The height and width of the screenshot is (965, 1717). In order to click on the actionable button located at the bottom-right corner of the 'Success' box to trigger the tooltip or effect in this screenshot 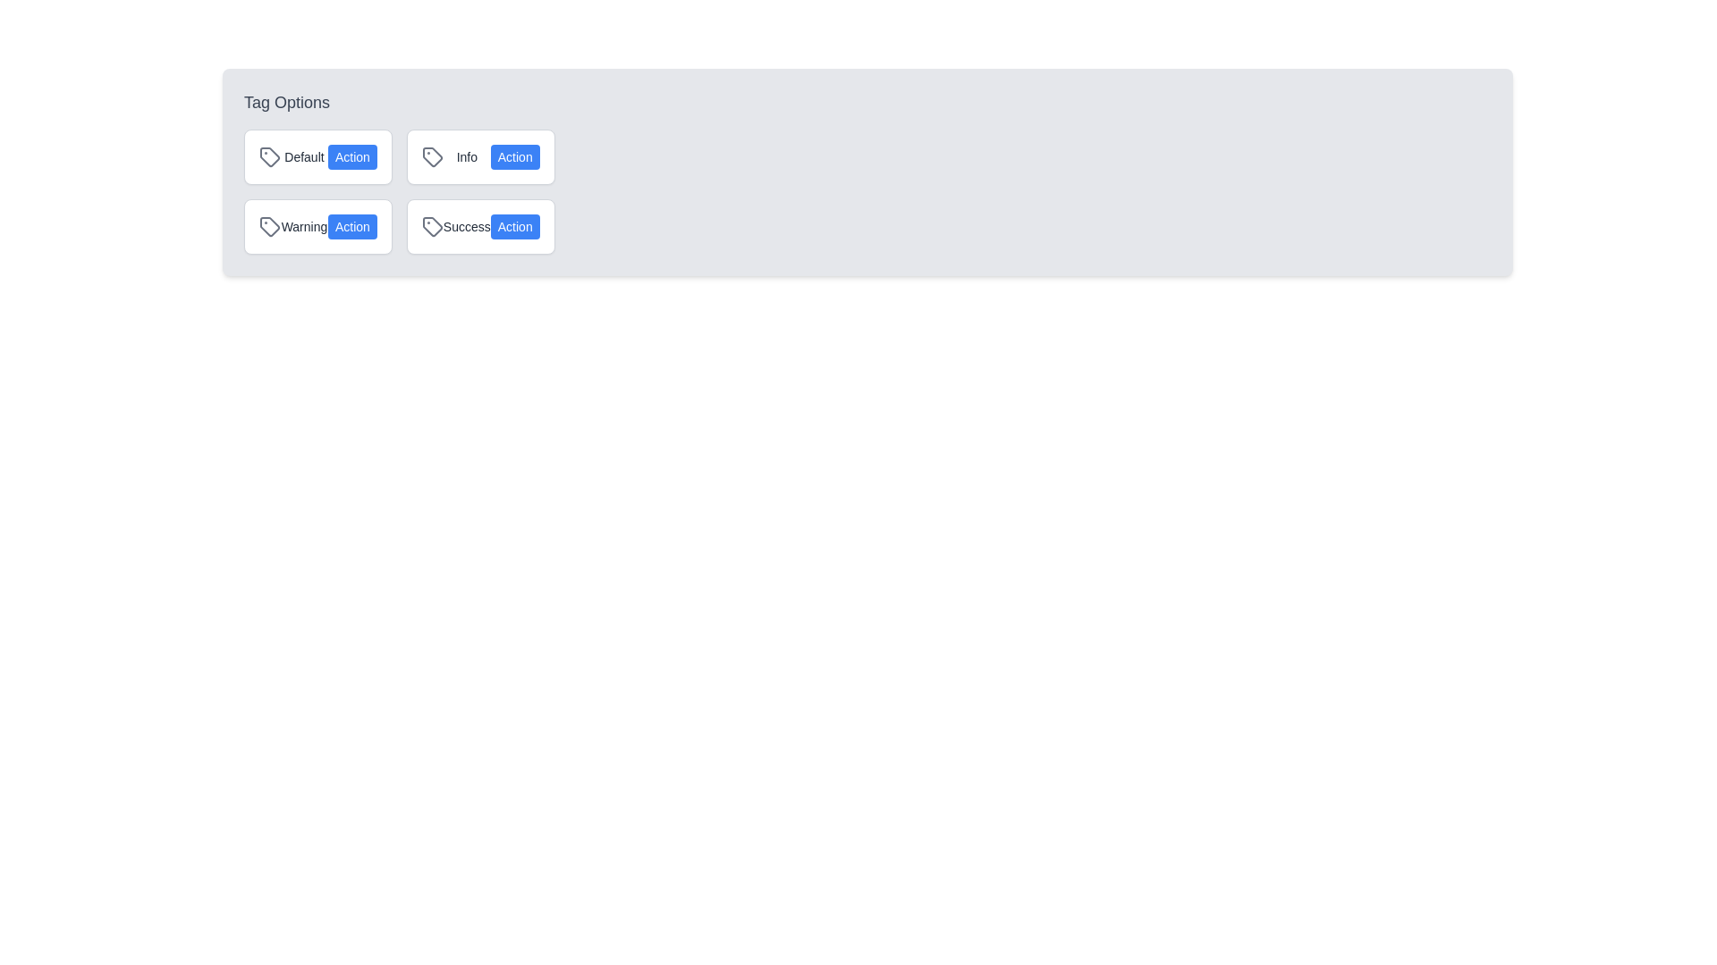, I will do `click(514, 226)`.